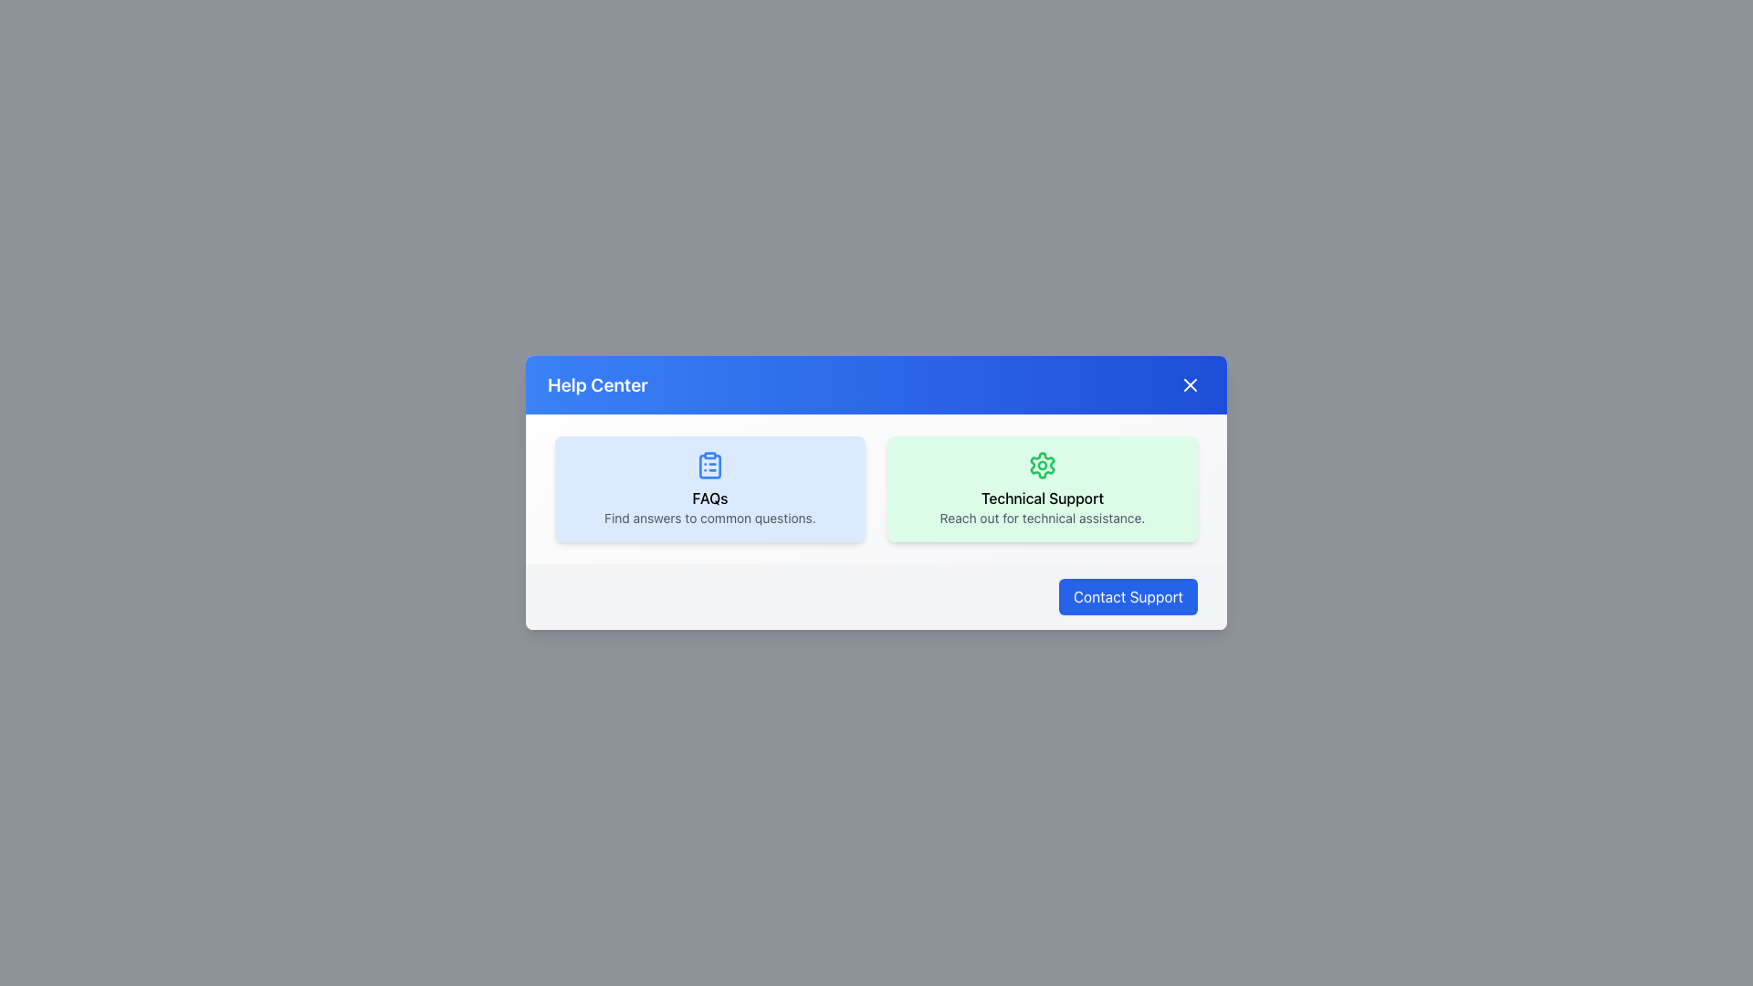 Image resolution: width=1753 pixels, height=986 pixels. Describe the element at coordinates (709, 518) in the screenshot. I see `the static text that reads 'Find answers to common questions.' located below the 'FAQs' title in the Help Center interface` at that location.